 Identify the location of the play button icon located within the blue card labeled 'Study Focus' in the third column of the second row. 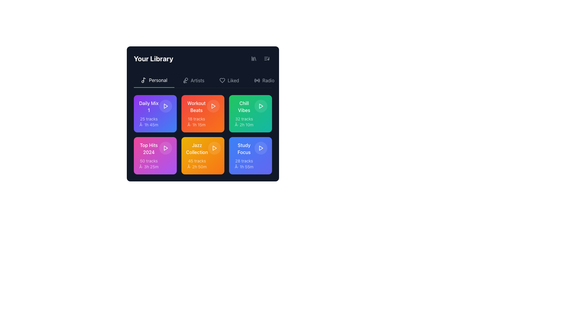
(261, 148).